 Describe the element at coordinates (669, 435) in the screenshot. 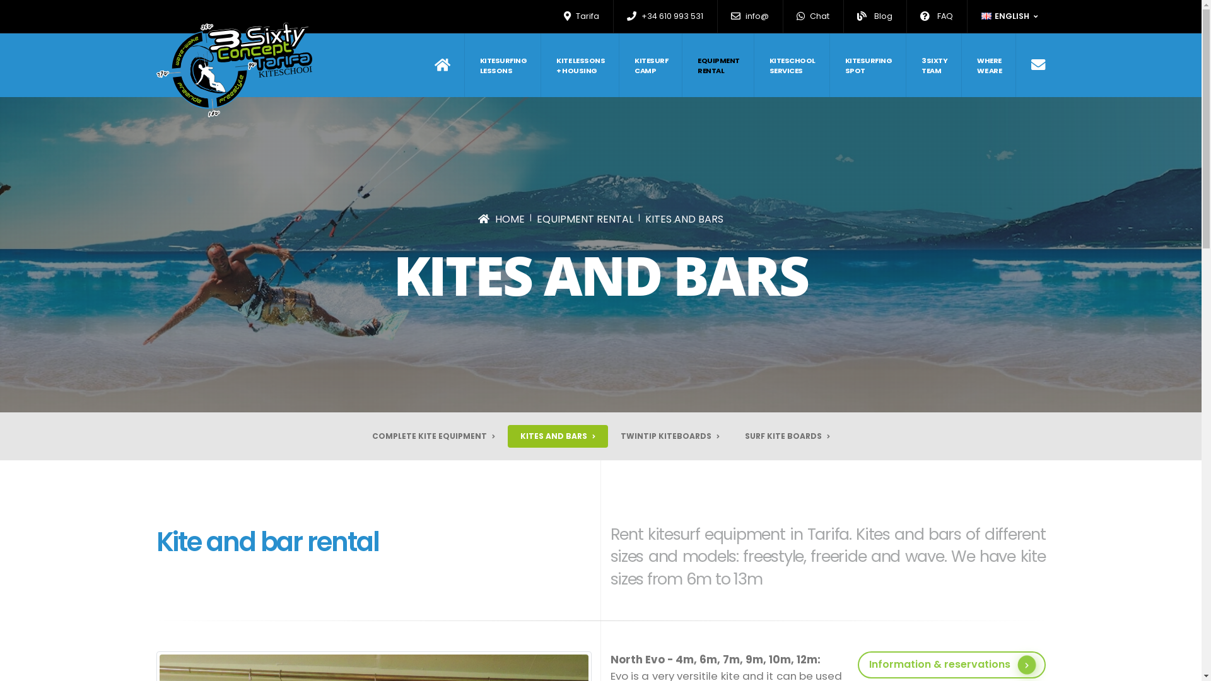

I see `'TWINTIP KITEBOARDS'` at that location.